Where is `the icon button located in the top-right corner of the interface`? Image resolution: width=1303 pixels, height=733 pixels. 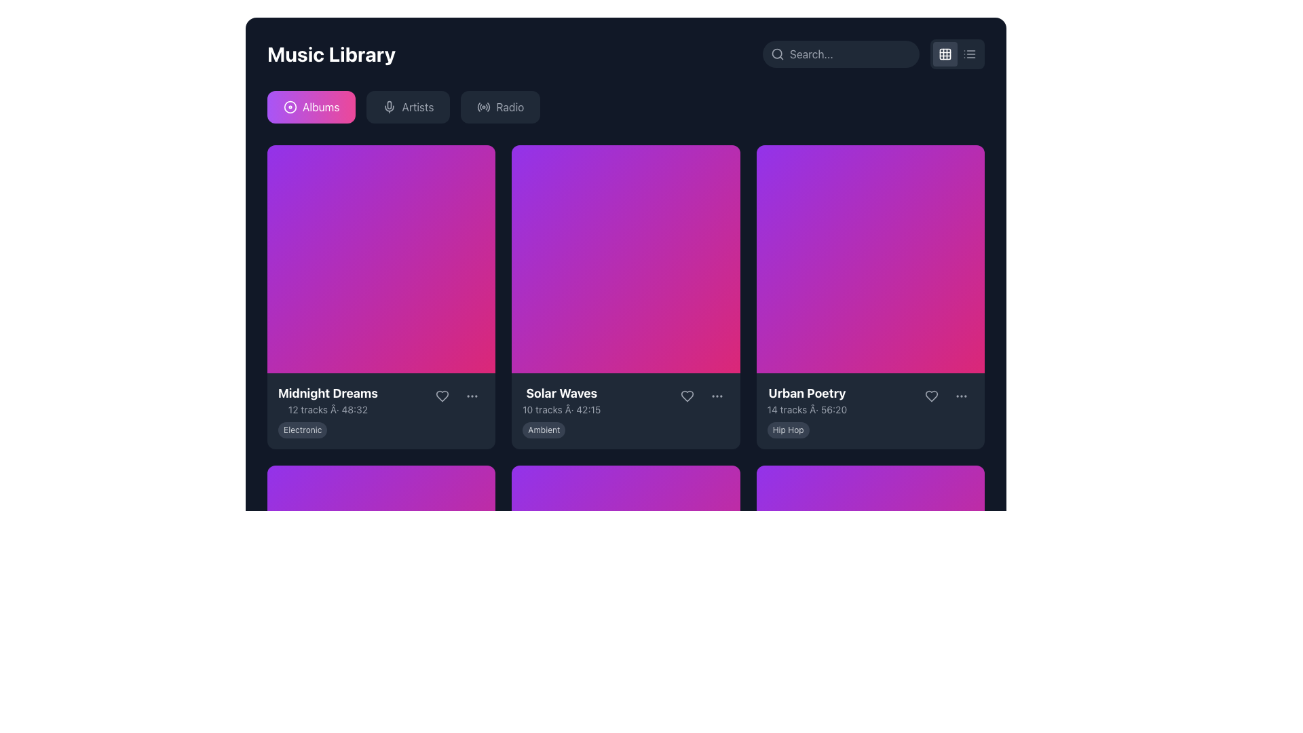 the icon button located in the top-right corner of the interface is located at coordinates (969, 54).